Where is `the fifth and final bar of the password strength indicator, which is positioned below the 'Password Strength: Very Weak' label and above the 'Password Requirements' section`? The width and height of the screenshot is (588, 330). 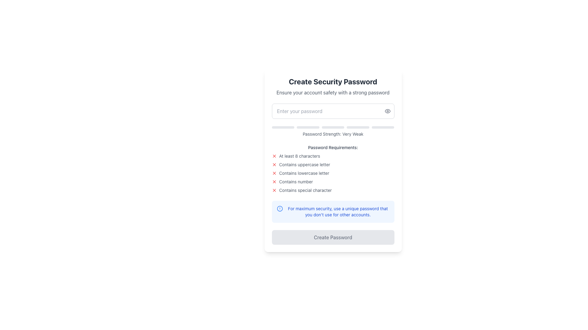 the fifth and final bar of the password strength indicator, which is positioned below the 'Password Strength: Very Weak' label and above the 'Password Requirements' section is located at coordinates (383, 127).